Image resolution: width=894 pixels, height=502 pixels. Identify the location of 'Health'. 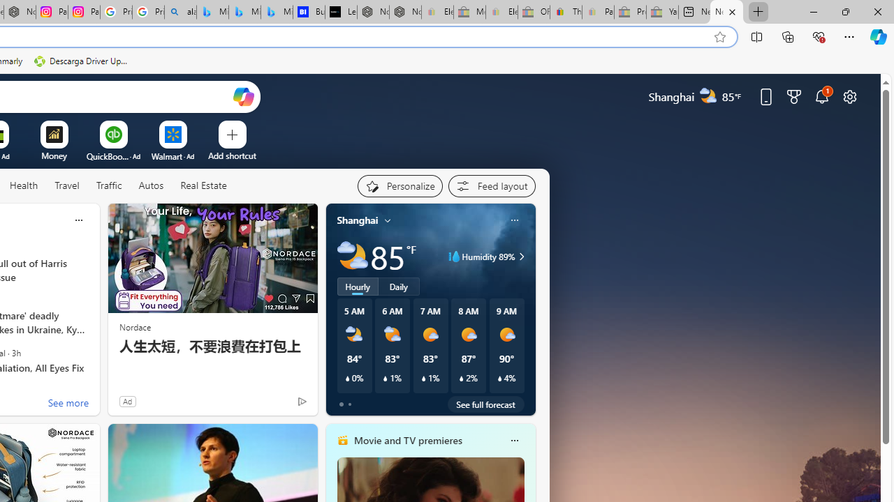
(23, 185).